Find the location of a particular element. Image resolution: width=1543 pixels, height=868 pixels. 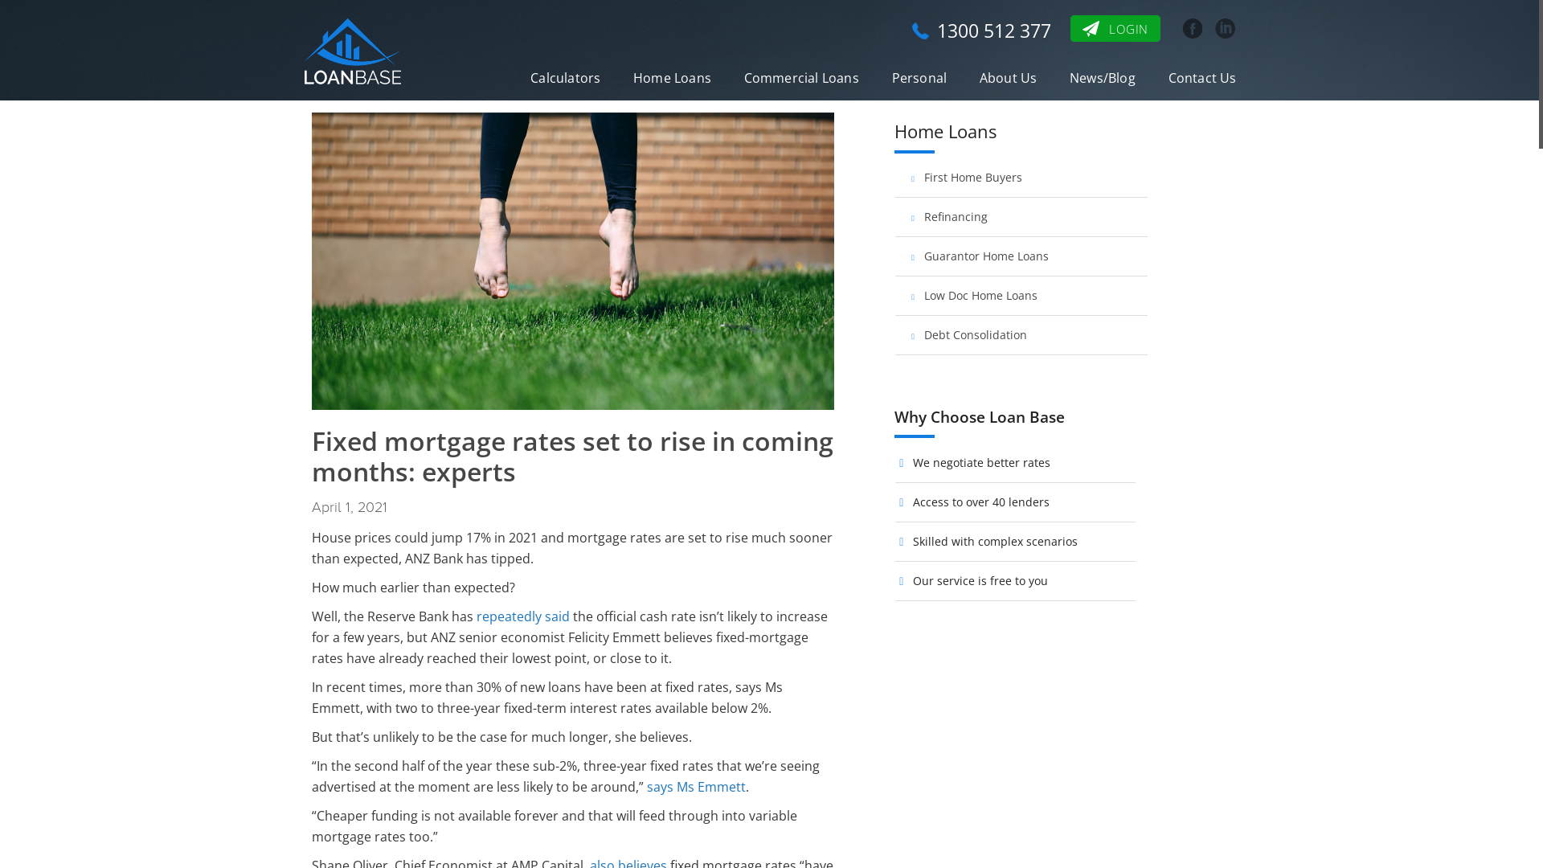

'Calculators' is located at coordinates (565, 77).